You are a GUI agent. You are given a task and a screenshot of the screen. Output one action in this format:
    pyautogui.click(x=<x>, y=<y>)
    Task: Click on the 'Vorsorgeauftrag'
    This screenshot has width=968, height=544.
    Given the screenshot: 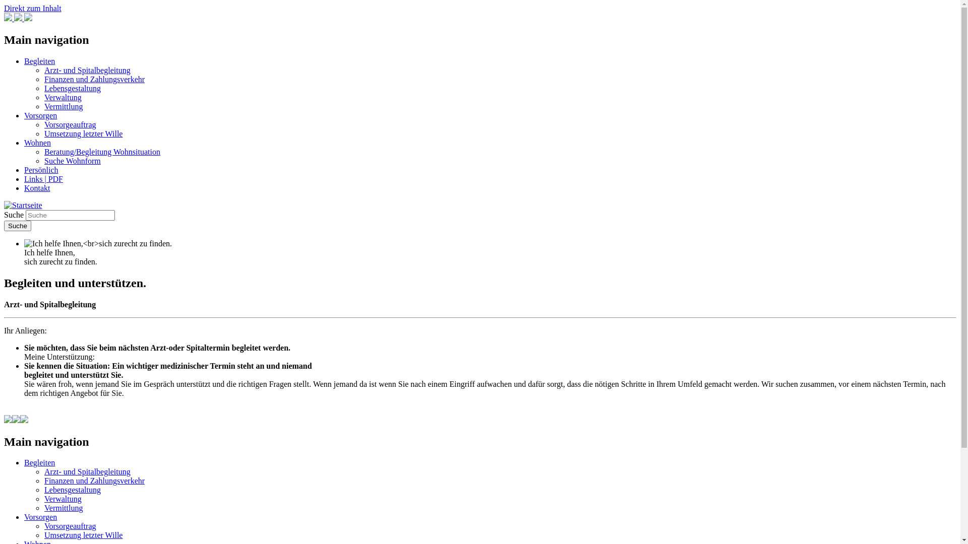 What is the action you would take?
    pyautogui.click(x=70, y=124)
    